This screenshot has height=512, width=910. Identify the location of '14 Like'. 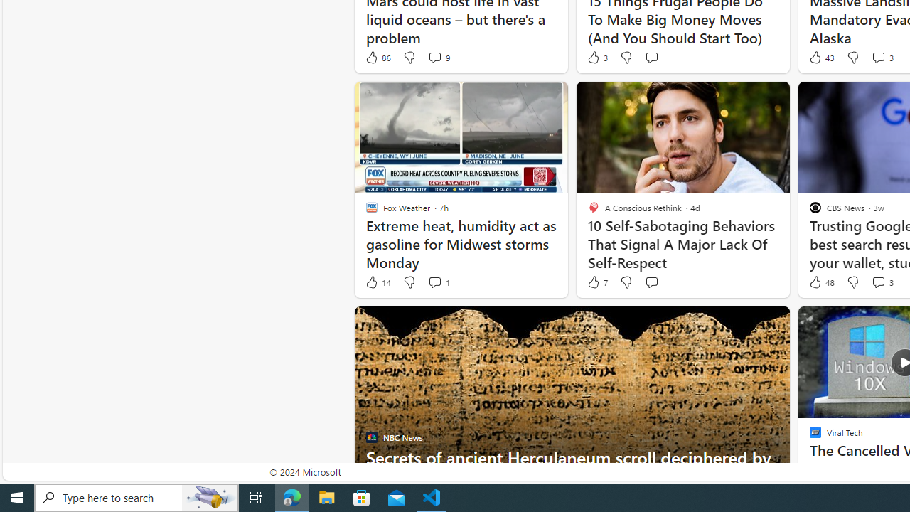
(378, 282).